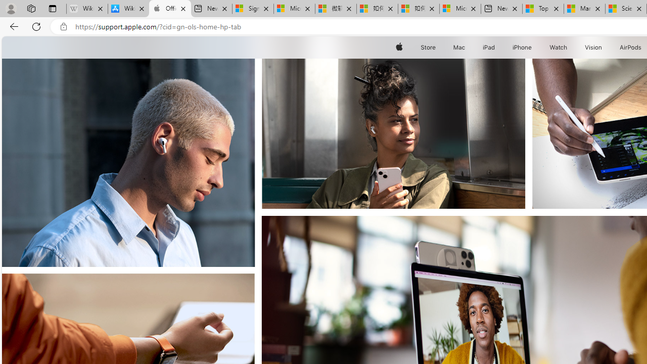 The width and height of the screenshot is (647, 364). What do you see at coordinates (604, 47) in the screenshot?
I see `'Class: globalnav-submenu-trigger-item'` at bounding box center [604, 47].